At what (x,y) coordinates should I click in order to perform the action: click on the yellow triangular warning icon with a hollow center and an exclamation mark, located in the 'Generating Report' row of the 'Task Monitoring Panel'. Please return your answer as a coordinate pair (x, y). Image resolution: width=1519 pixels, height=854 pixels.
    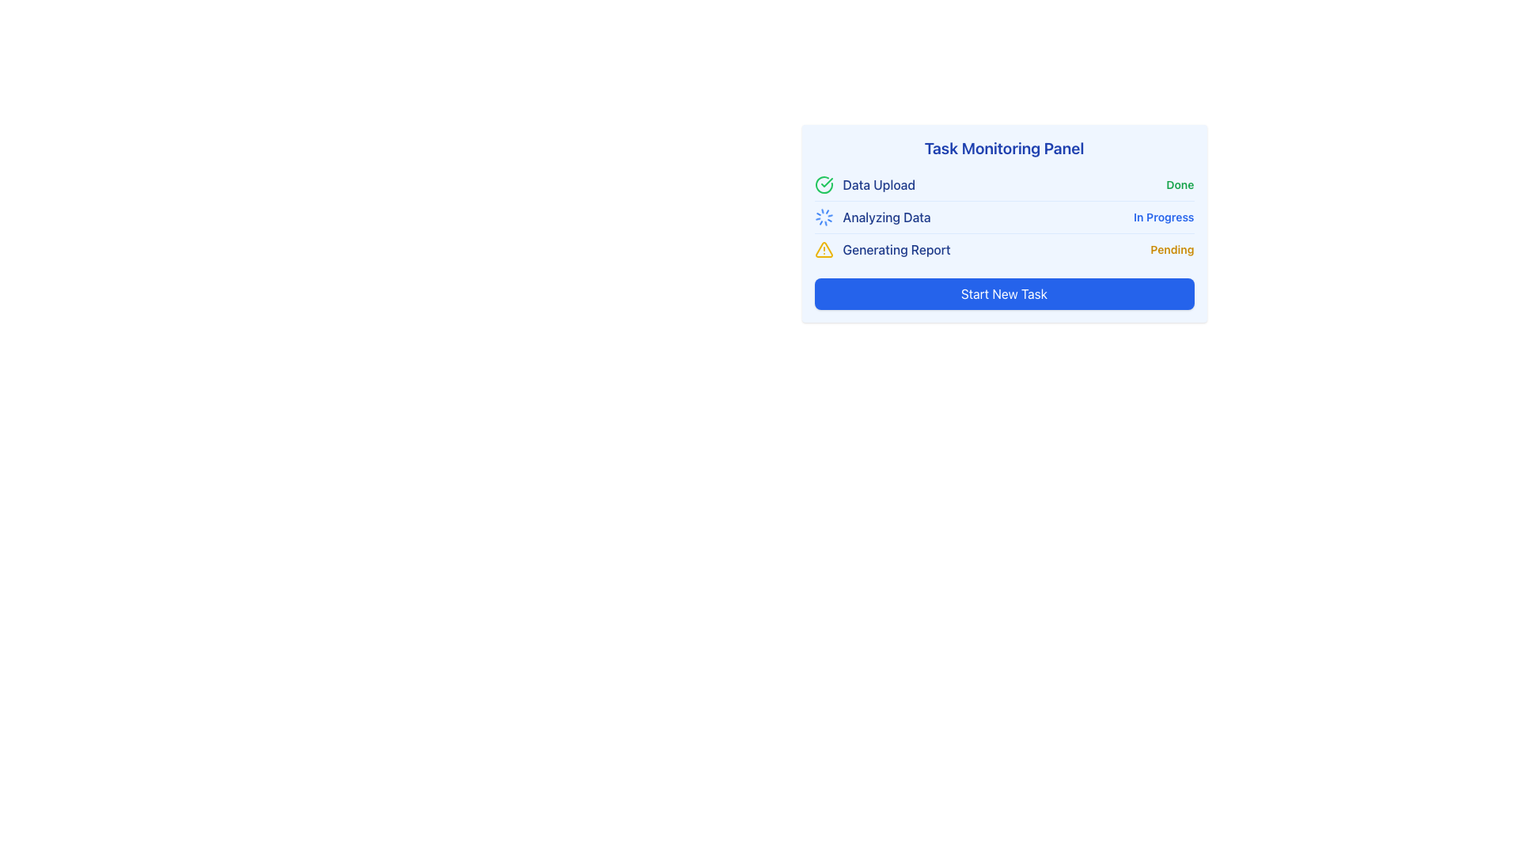
    Looking at the image, I should click on (823, 249).